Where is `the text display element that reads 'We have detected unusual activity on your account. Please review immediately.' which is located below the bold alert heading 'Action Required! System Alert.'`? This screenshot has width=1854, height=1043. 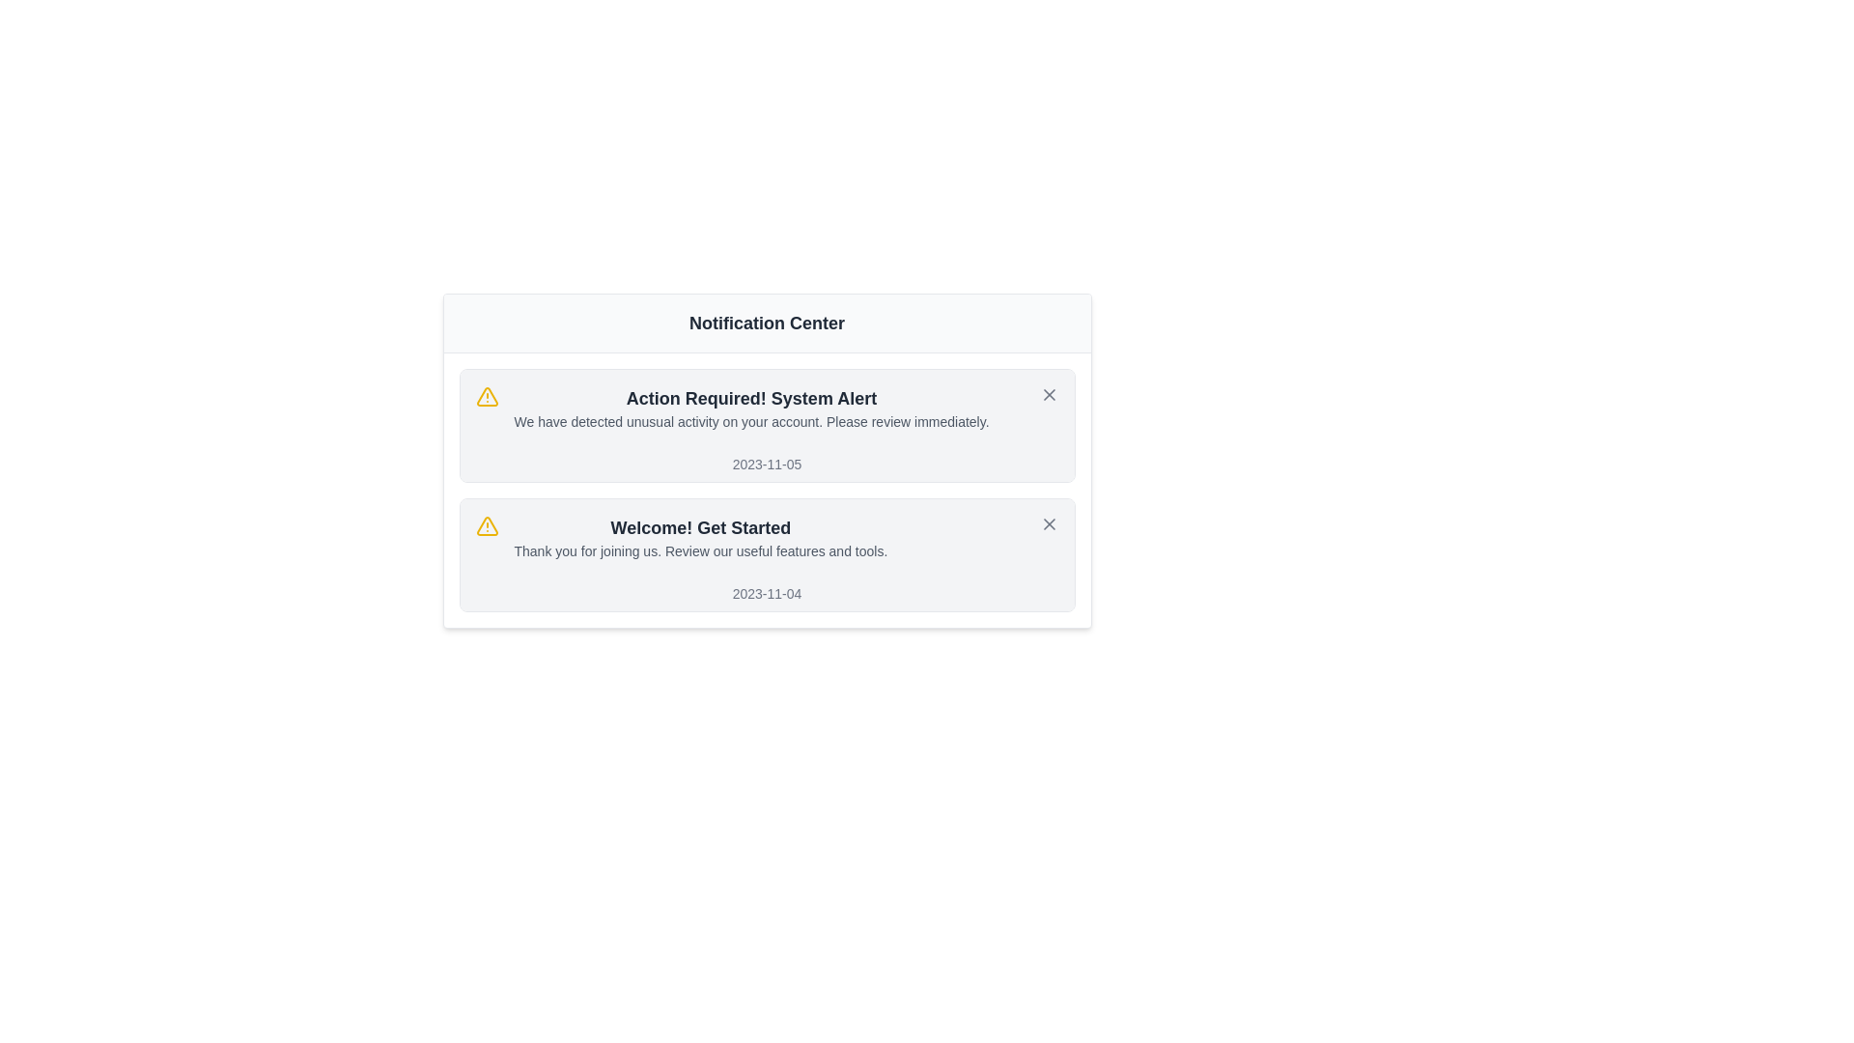
the text display element that reads 'We have detected unusual activity on your account. Please review immediately.' which is located below the bold alert heading 'Action Required! System Alert.' is located at coordinates (750, 420).